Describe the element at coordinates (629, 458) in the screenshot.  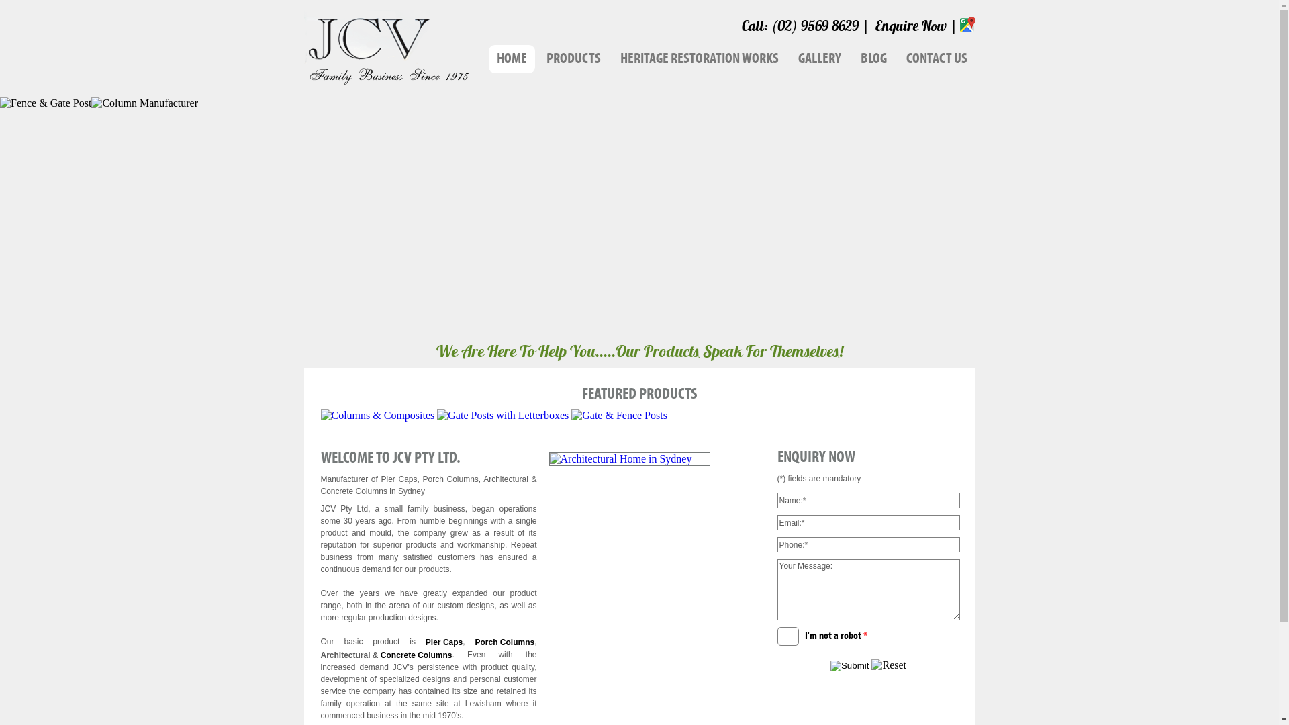
I see `'Architectural Home in Sydney'` at that location.